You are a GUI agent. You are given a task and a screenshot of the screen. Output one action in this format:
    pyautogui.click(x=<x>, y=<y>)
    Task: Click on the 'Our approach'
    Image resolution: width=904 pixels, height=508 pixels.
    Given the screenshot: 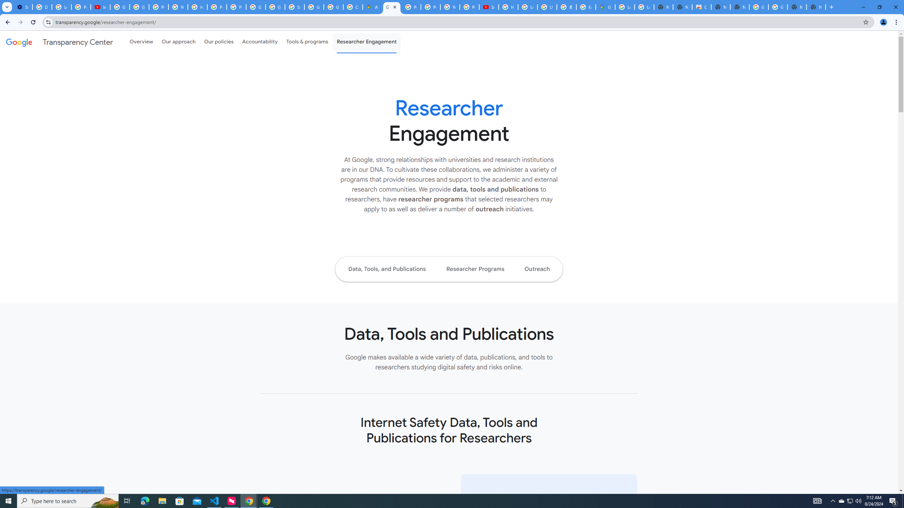 What is the action you would take?
    pyautogui.click(x=178, y=42)
    